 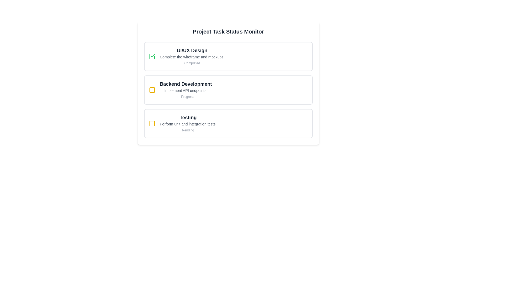 What do you see at coordinates (154, 89) in the screenshot?
I see `the visual indicator icon located to the far left of the 'Backend Development' section` at bounding box center [154, 89].